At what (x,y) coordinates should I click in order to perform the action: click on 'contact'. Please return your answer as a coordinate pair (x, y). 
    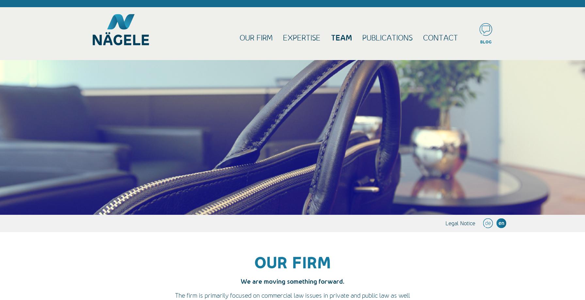
    Looking at the image, I should click on (440, 37).